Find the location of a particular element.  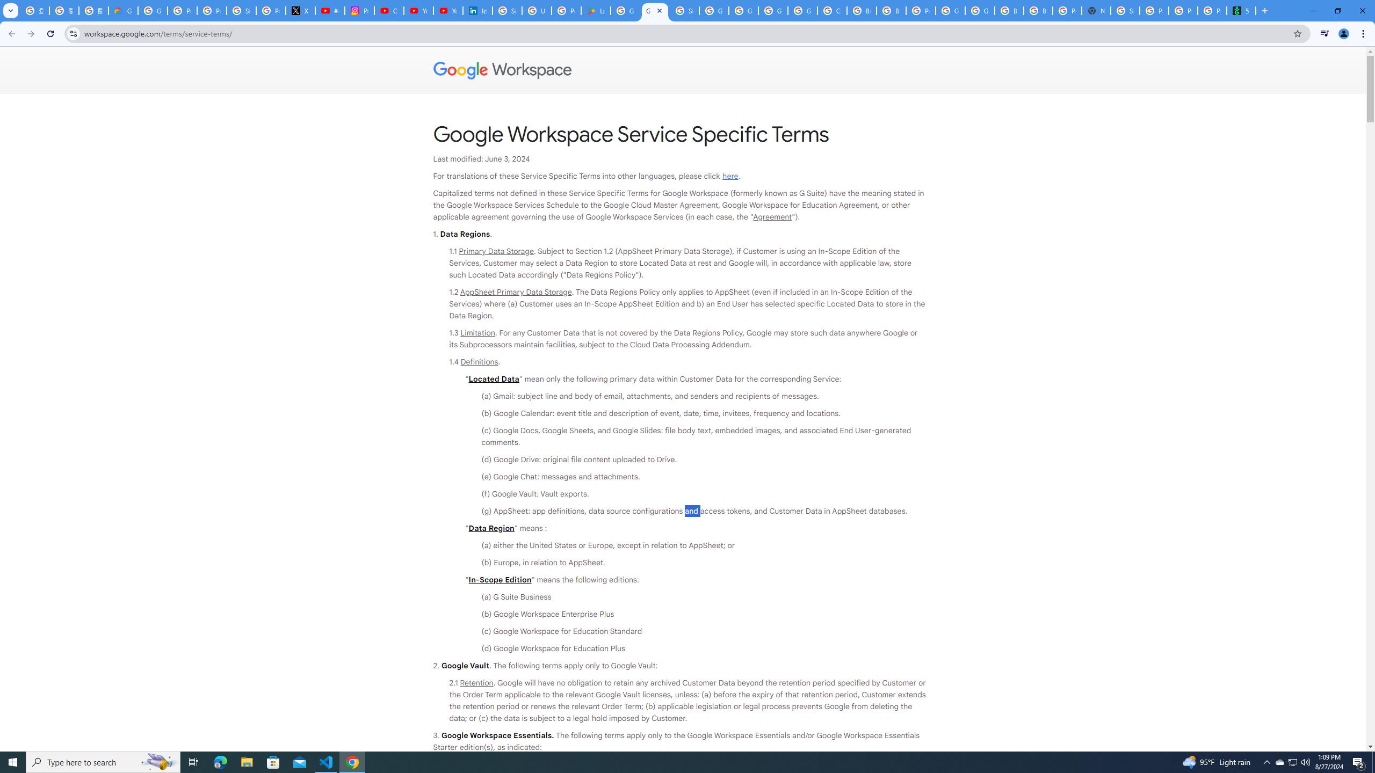

'Identity verification via Persona | LinkedIn Help' is located at coordinates (477, 10).